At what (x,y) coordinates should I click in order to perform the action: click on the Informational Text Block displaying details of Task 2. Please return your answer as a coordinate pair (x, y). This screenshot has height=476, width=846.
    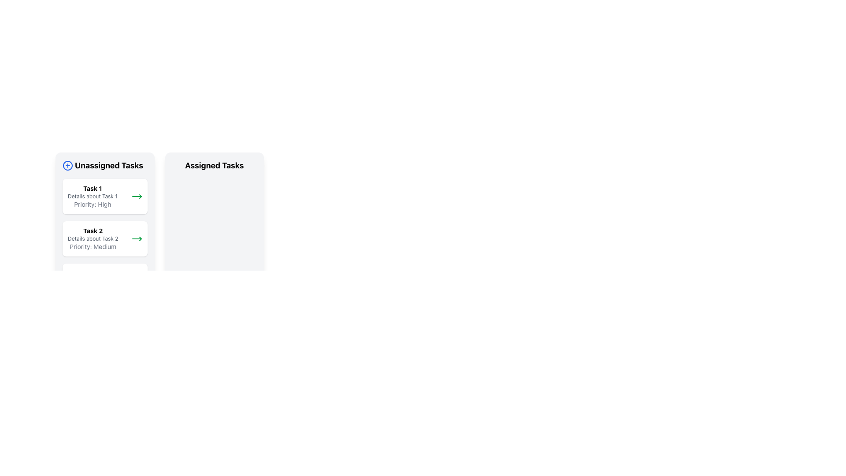
    Looking at the image, I should click on (93, 239).